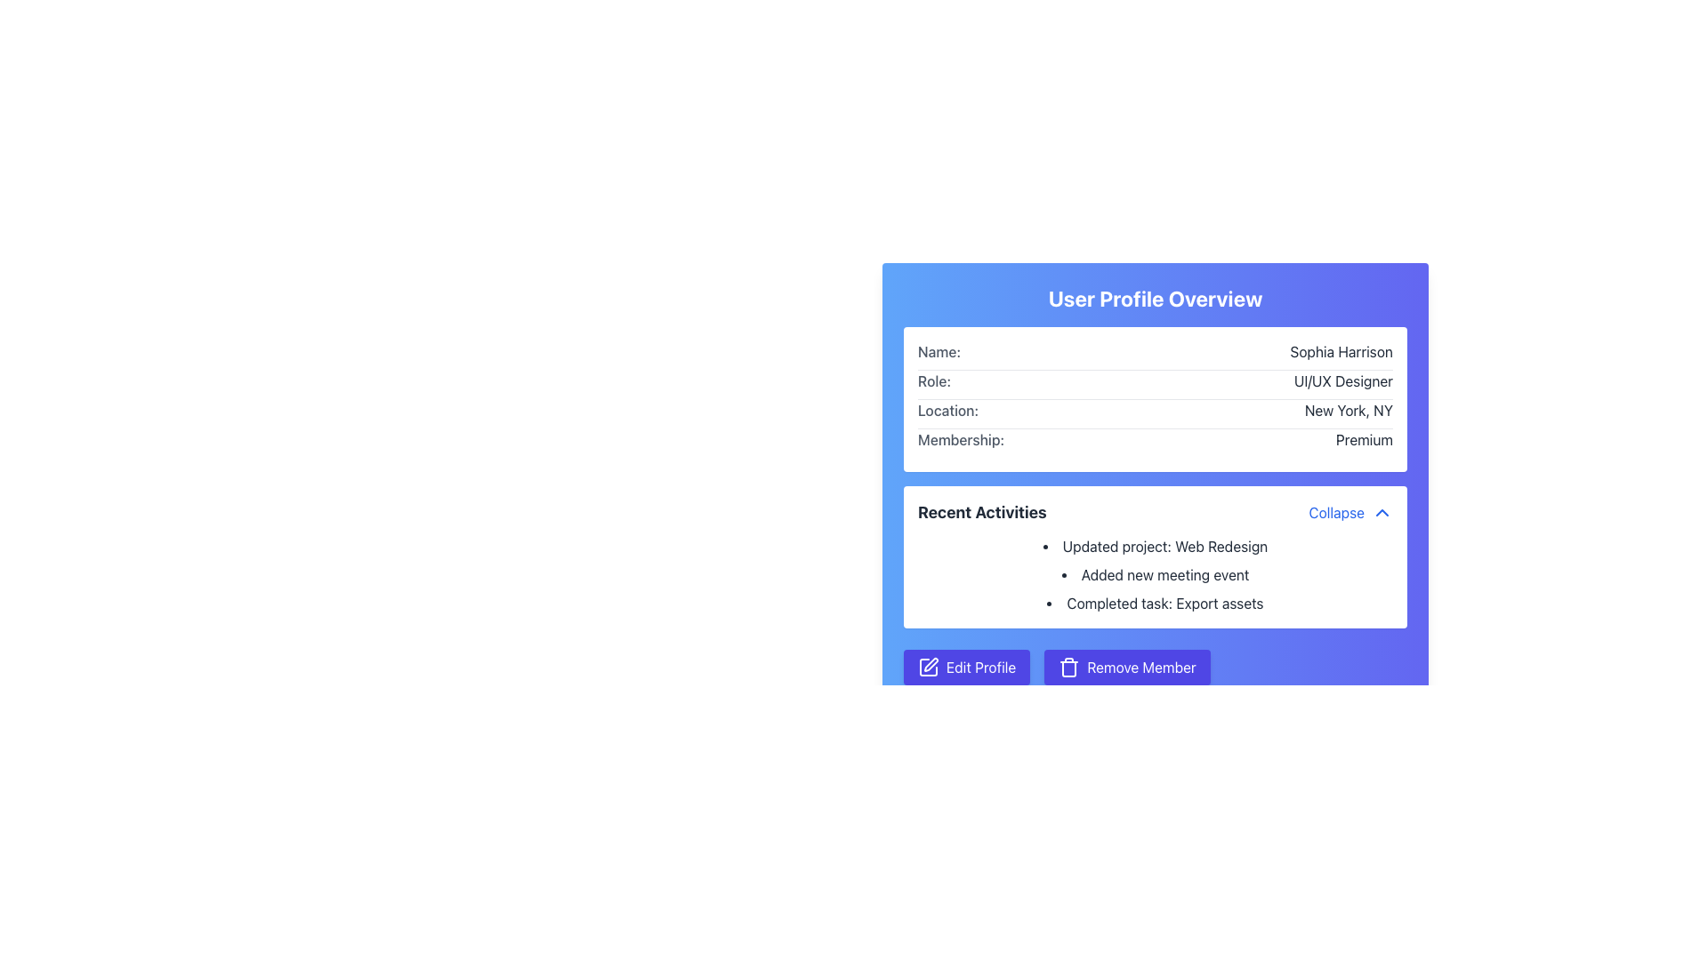  What do you see at coordinates (1343, 380) in the screenshot?
I see `the text label displaying the user's role as 'UI/UX Designer', which is located in the user profile card beneath the 'Name:' label` at bounding box center [1343, 380].